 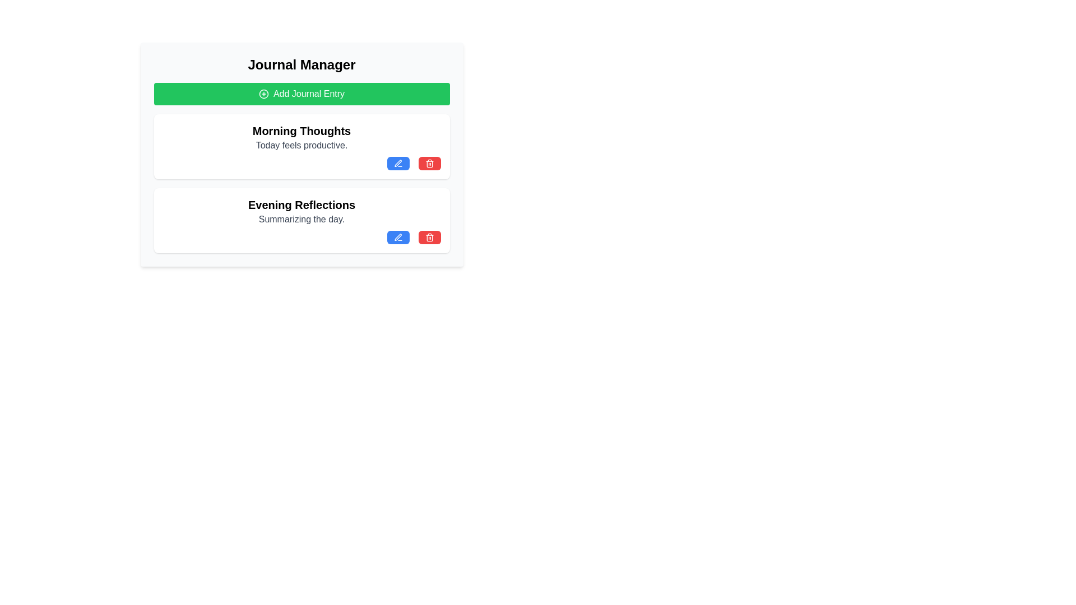 What do you see at coordinates (398, 164) in the screenshot?
I see `the blue button with a pen icon for editing, located to the right of 'Morning Thoughts.'` at bounding box center [398, 164].